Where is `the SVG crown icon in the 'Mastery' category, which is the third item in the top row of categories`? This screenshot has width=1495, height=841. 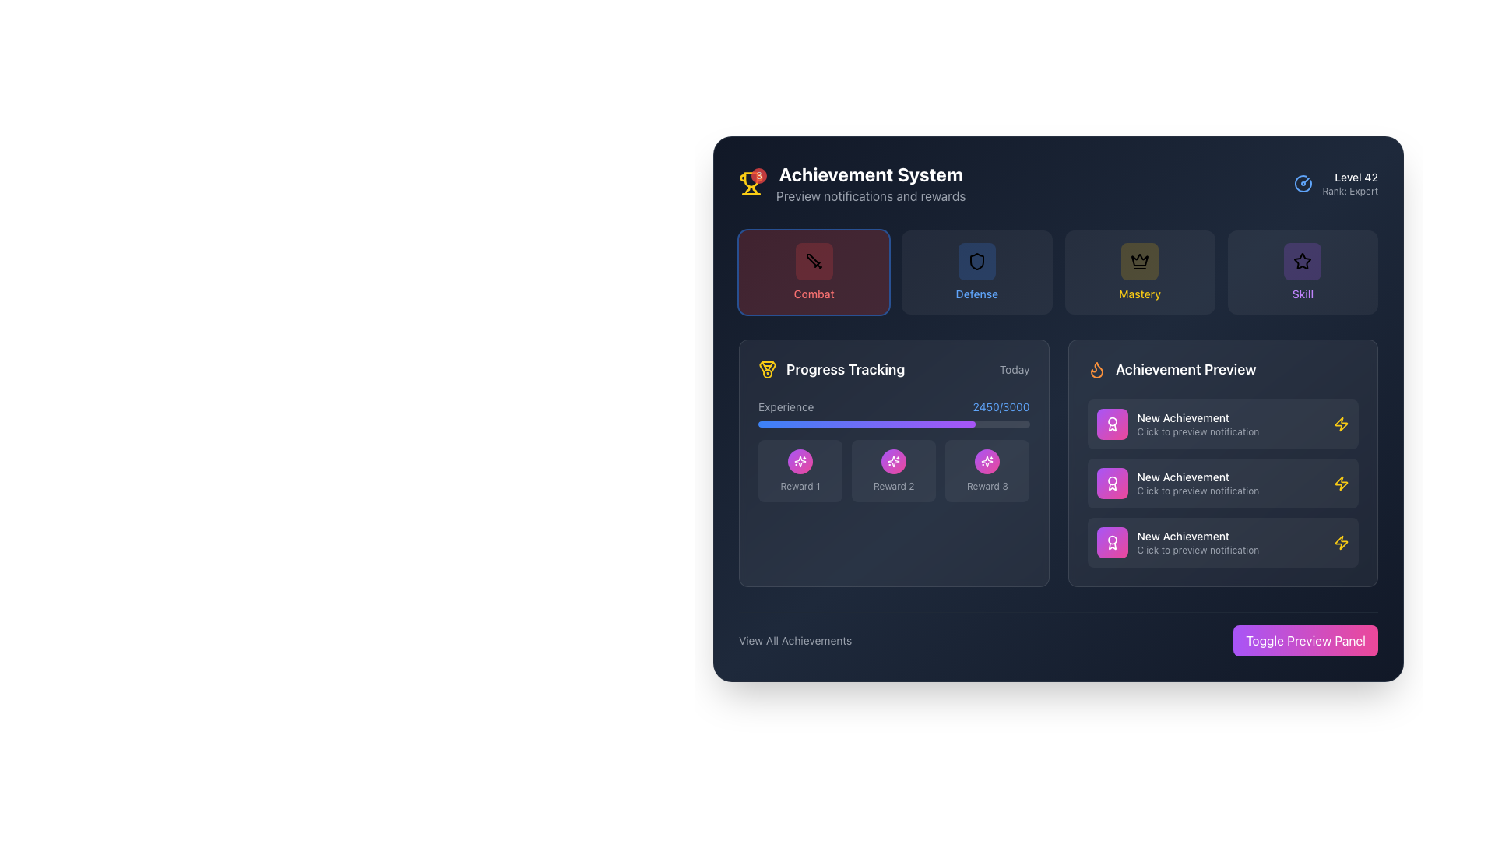
the SVG crown icon in the 'Mastery' category, which is the third item in the top row of categories is located at coordinates (1140, 260).